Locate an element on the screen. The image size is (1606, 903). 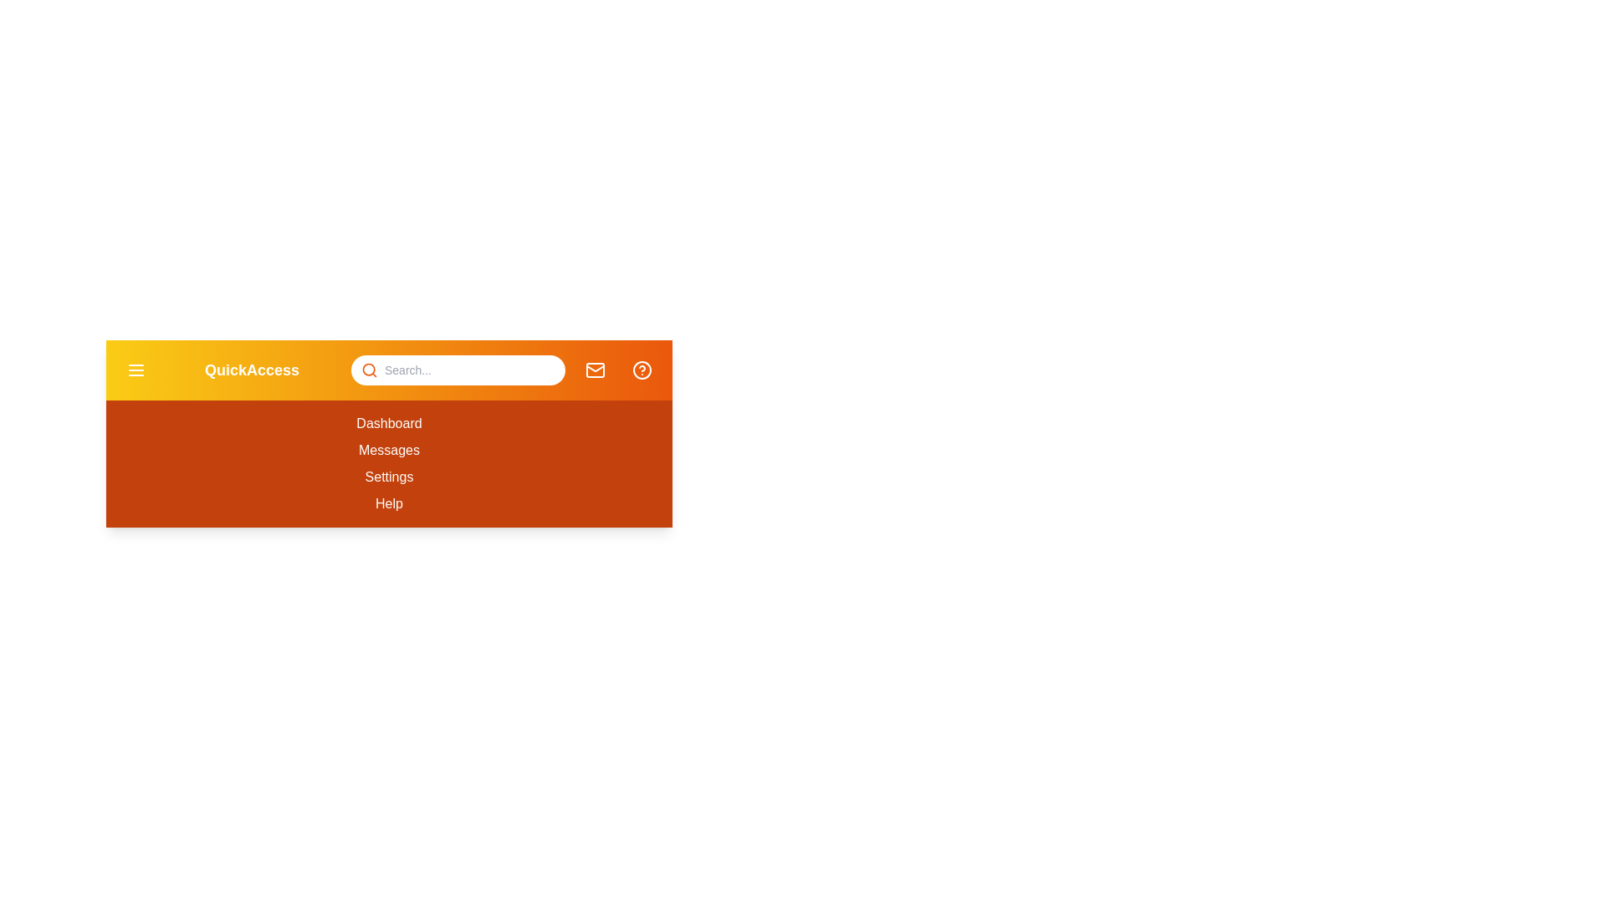
the search icon located to the left of the input area, near the placeholder text 'Search...', in the header section is located at coordinates (368, 370).